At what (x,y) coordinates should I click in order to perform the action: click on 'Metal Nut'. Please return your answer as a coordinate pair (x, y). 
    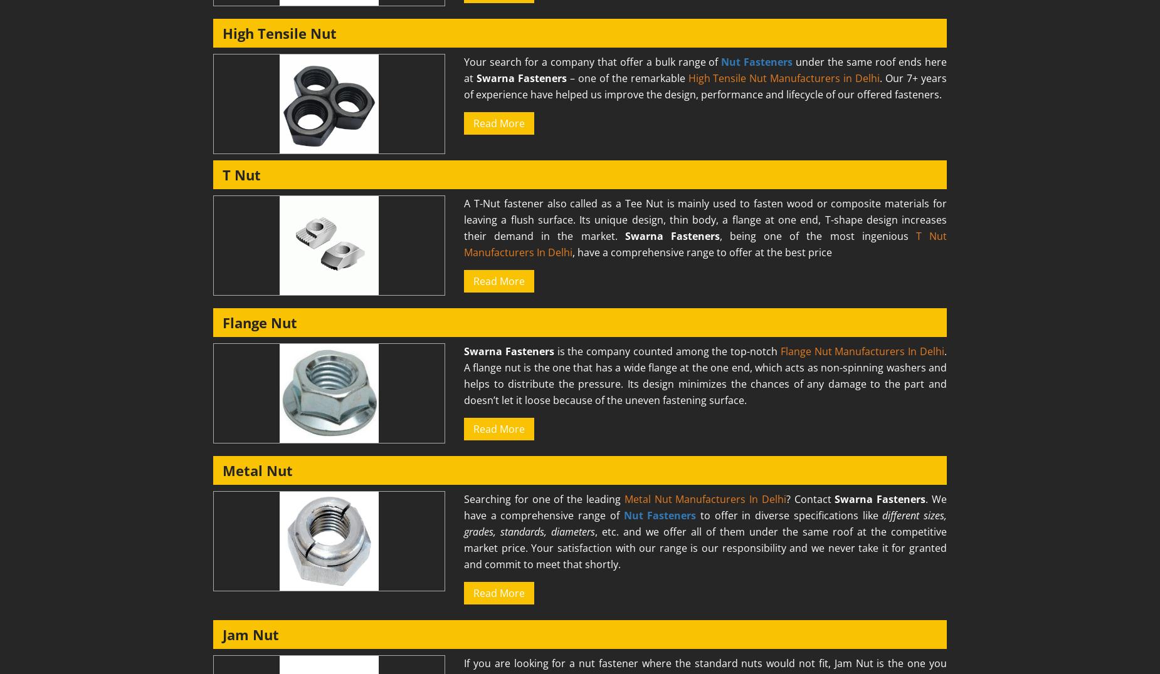
    Looking at the image, I should click on (257, 470).